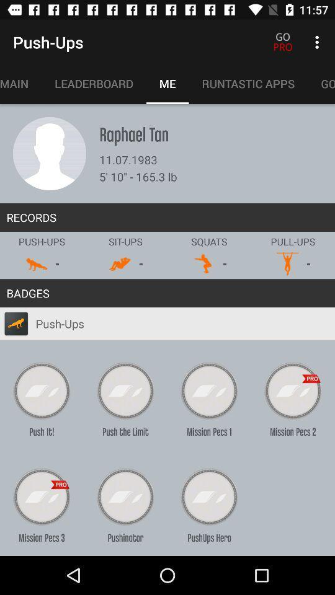 Image resolution: width=335 pixels, height=595 pixels. Describe the element at coordinates (248, 83) in the screenshot. I see `icon to the right of the me icon` at that location.